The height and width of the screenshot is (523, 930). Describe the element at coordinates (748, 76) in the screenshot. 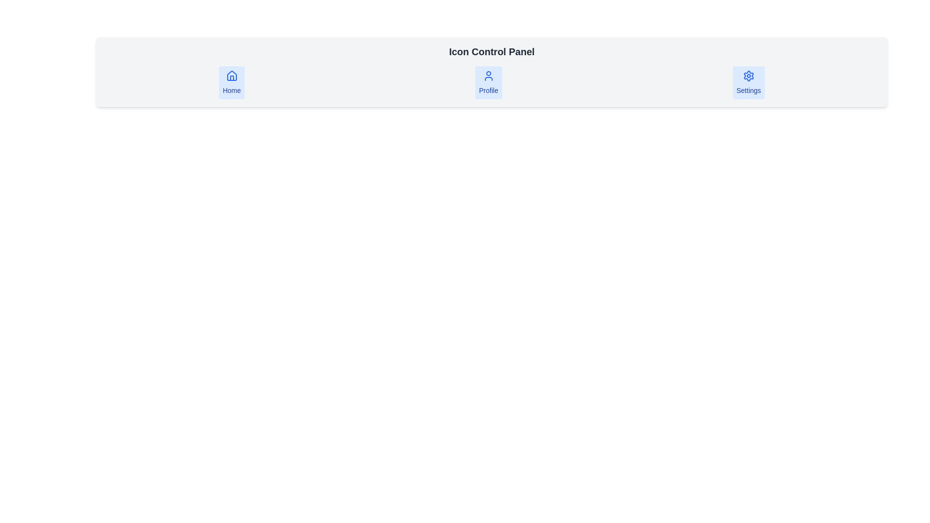

I see `the blue gear-shaped icon representing settings, located in the rightmost section of the navigation bar` at that location.